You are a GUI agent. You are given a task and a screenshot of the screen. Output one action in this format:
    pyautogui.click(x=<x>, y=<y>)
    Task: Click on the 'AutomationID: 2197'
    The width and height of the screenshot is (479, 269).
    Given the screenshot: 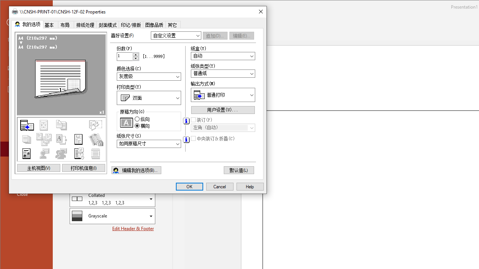 What is the action you would take?
    pyautogui.click(x=186, y=121)
    